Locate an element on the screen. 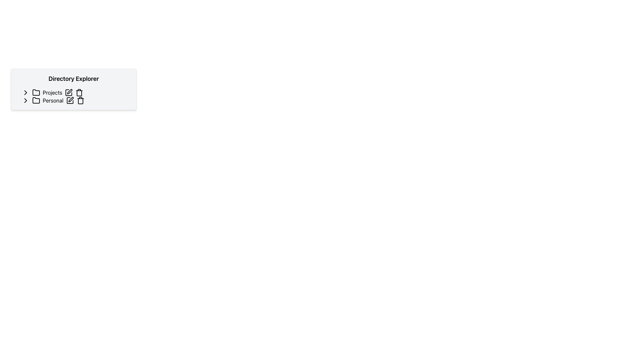 Image resolution: width=632 pixels, height=355 pixels. the interactive icon within the SVG structure that is positioned near the text labeled 'Personal' in the Directory Explorer interface is located at coordinates (70, 100).